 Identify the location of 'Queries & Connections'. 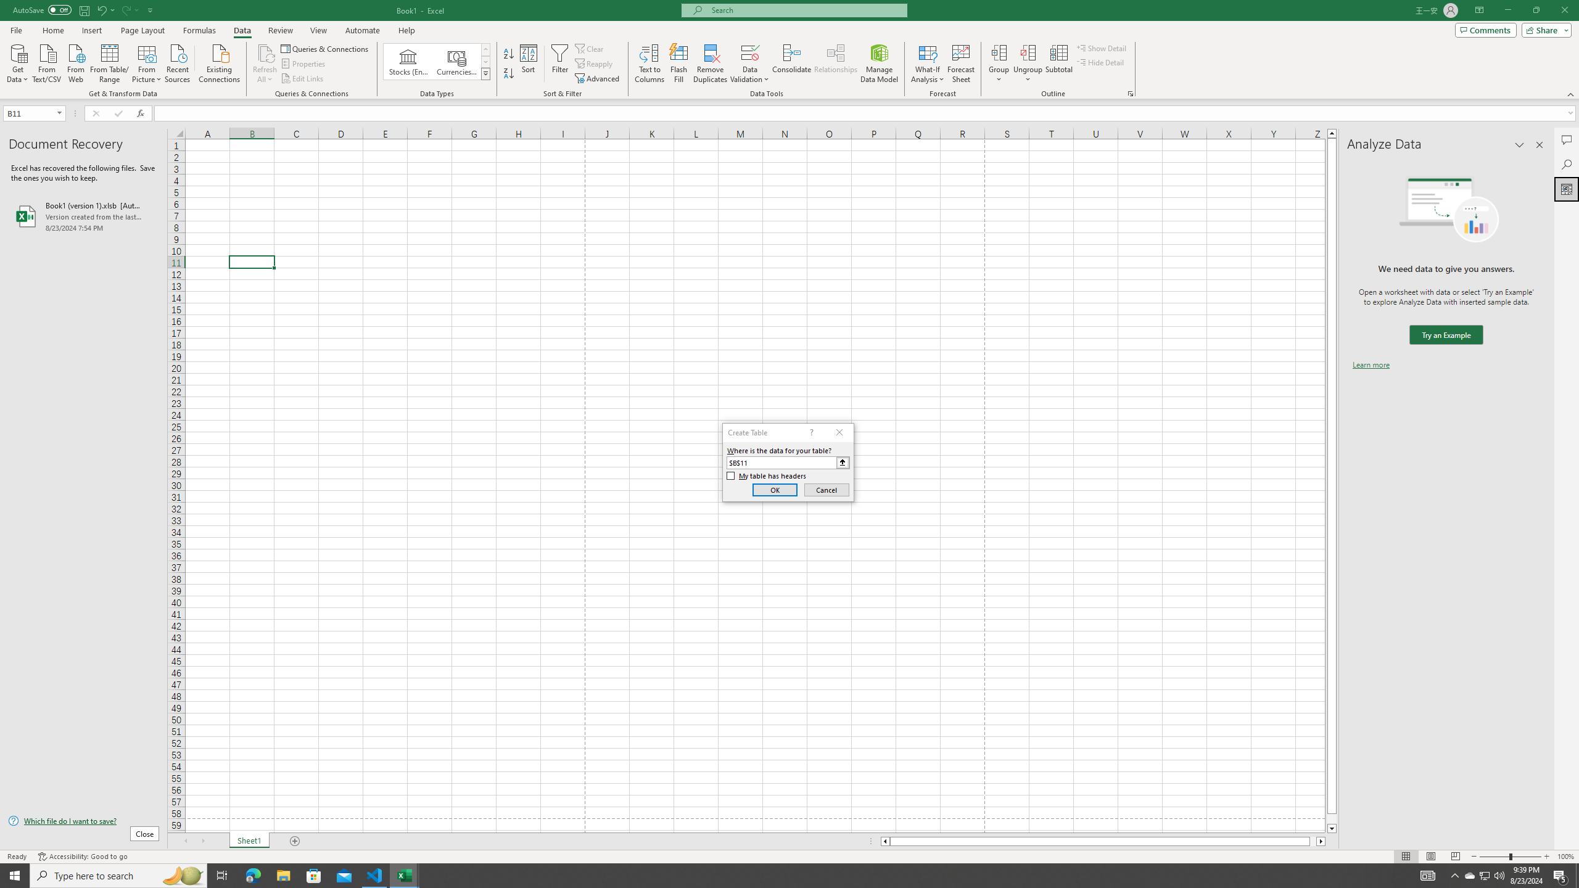
(325, 48).